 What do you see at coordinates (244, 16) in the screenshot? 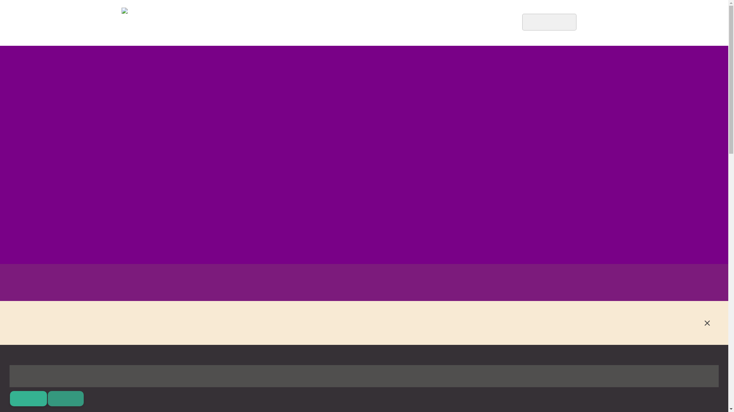
I see `'Go to site home page'` at bounding box center [244, 16].